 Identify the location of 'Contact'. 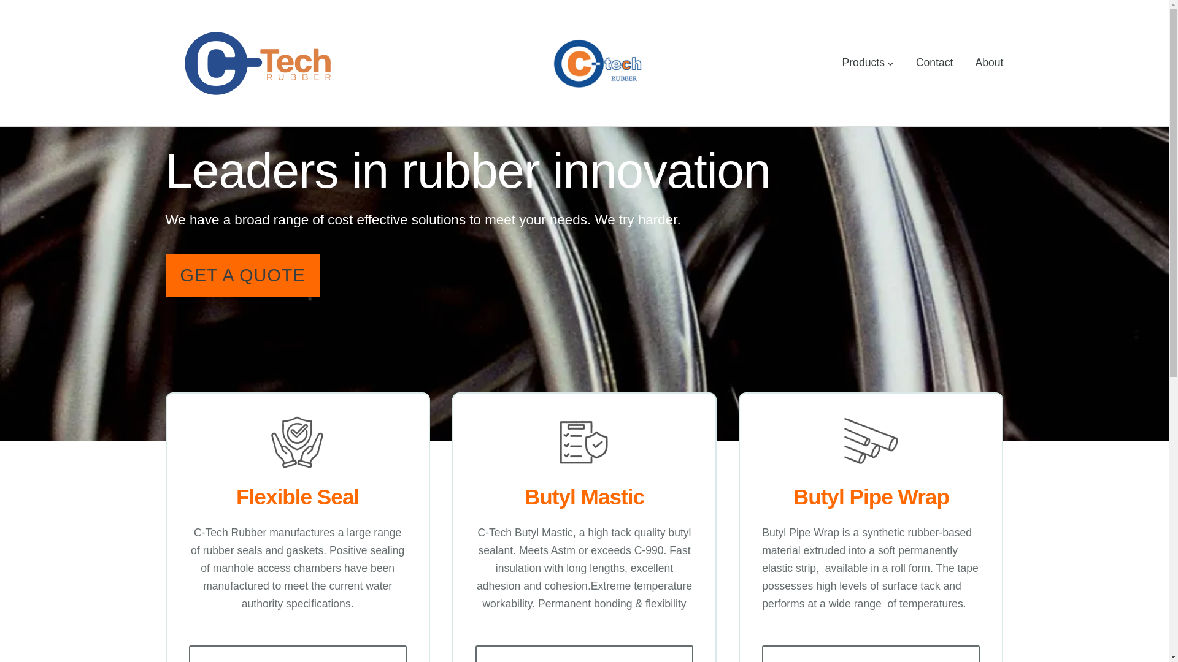
(934, 63).